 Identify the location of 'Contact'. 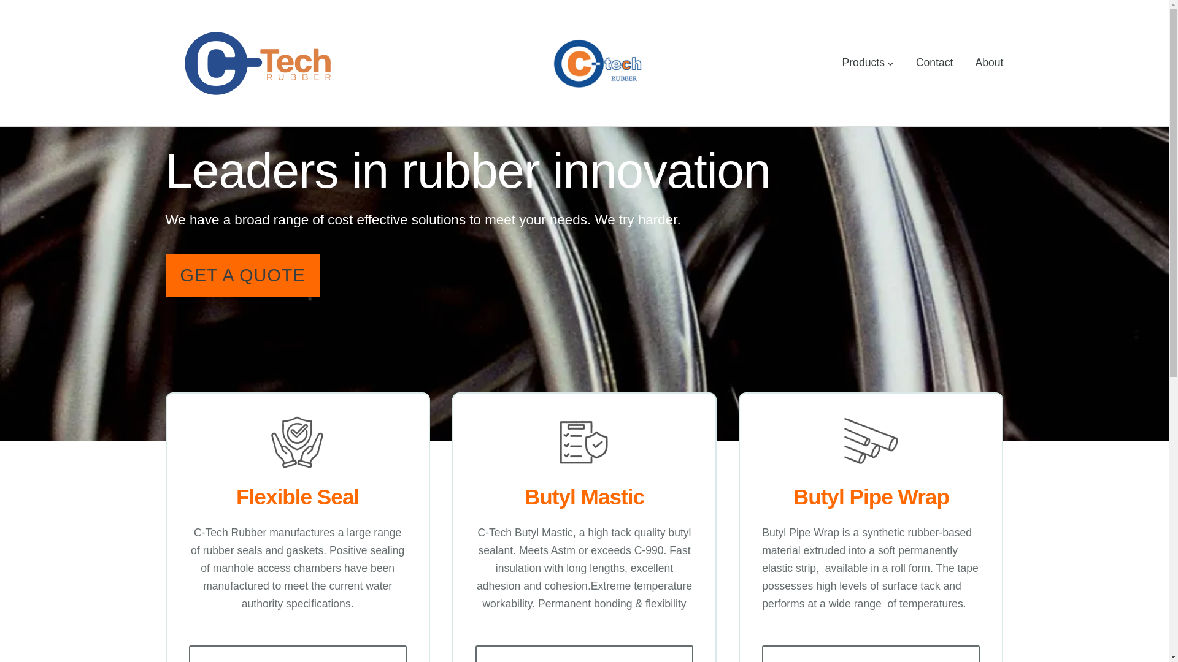
(934, 63).